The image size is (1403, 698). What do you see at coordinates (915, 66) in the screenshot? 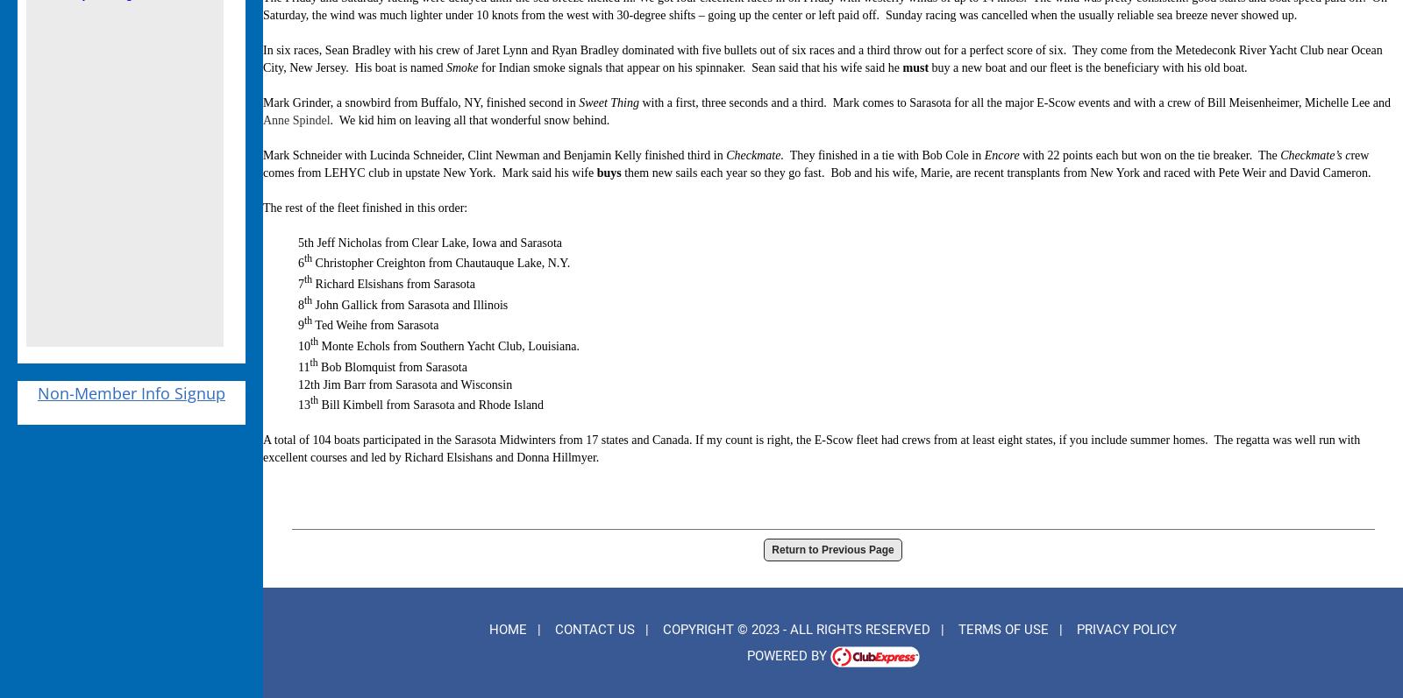
I see `'must'` at bounding box center [915, 66].